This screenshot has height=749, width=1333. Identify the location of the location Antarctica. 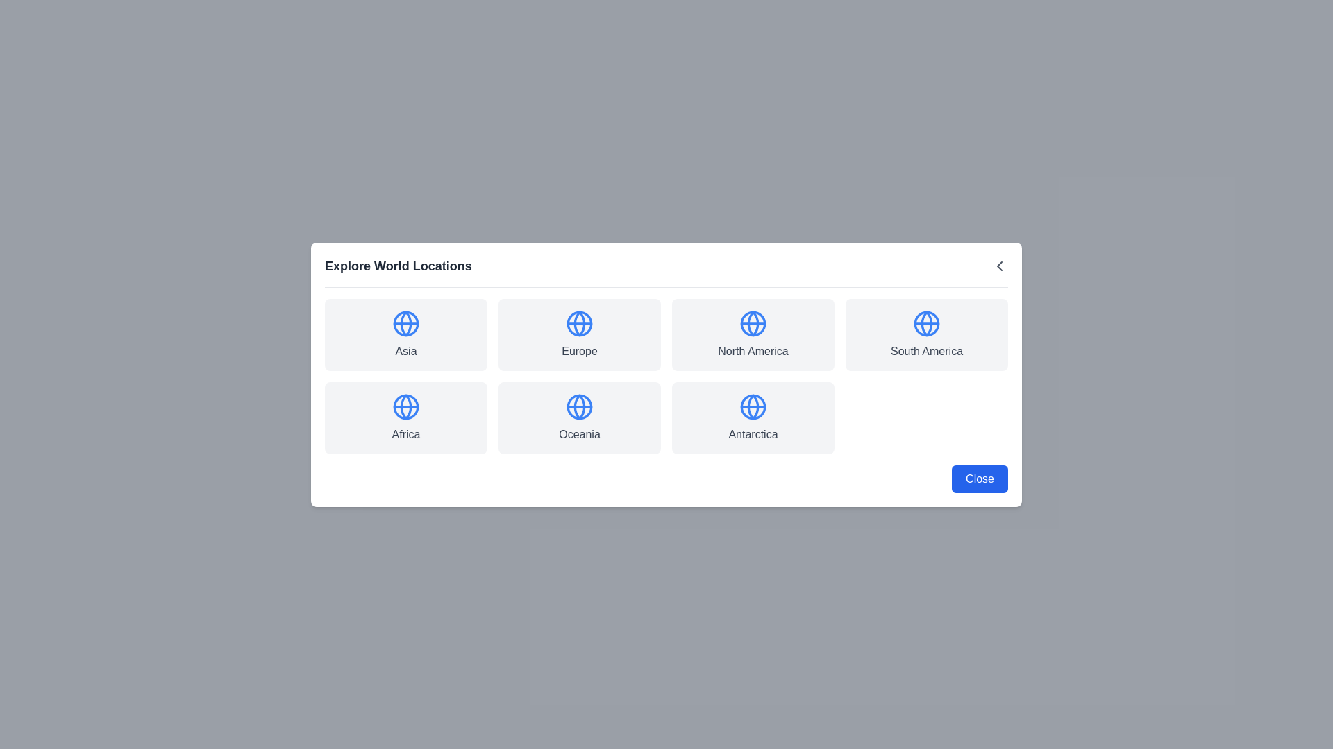
(752, 417).